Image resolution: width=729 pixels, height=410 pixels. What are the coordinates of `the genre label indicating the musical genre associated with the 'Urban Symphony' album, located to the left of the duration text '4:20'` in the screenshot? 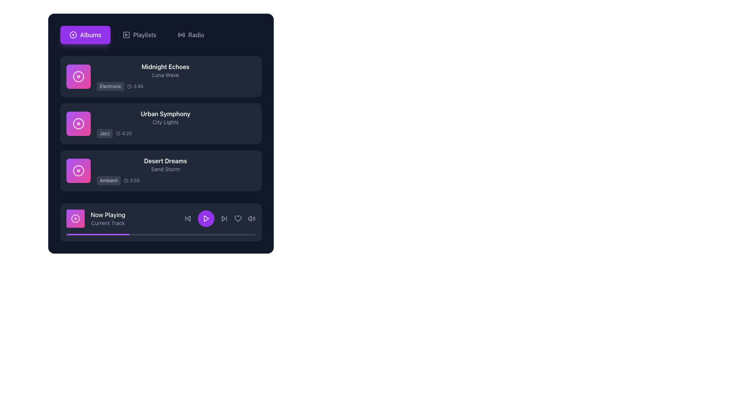 It's located at (104, 133).